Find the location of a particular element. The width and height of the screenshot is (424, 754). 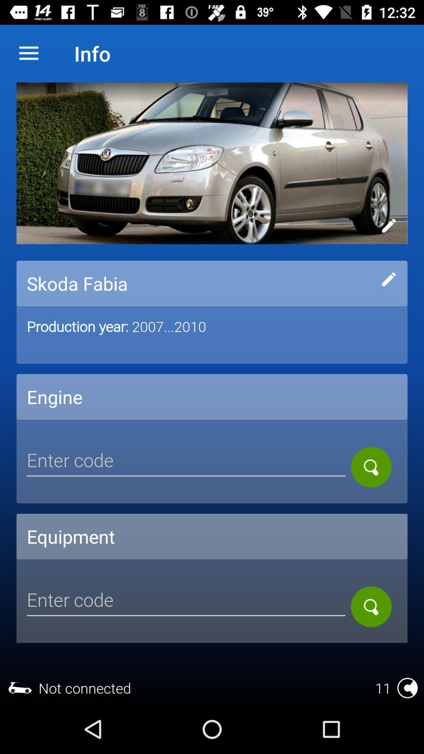

search equipment is located at coordinates (371, 606).